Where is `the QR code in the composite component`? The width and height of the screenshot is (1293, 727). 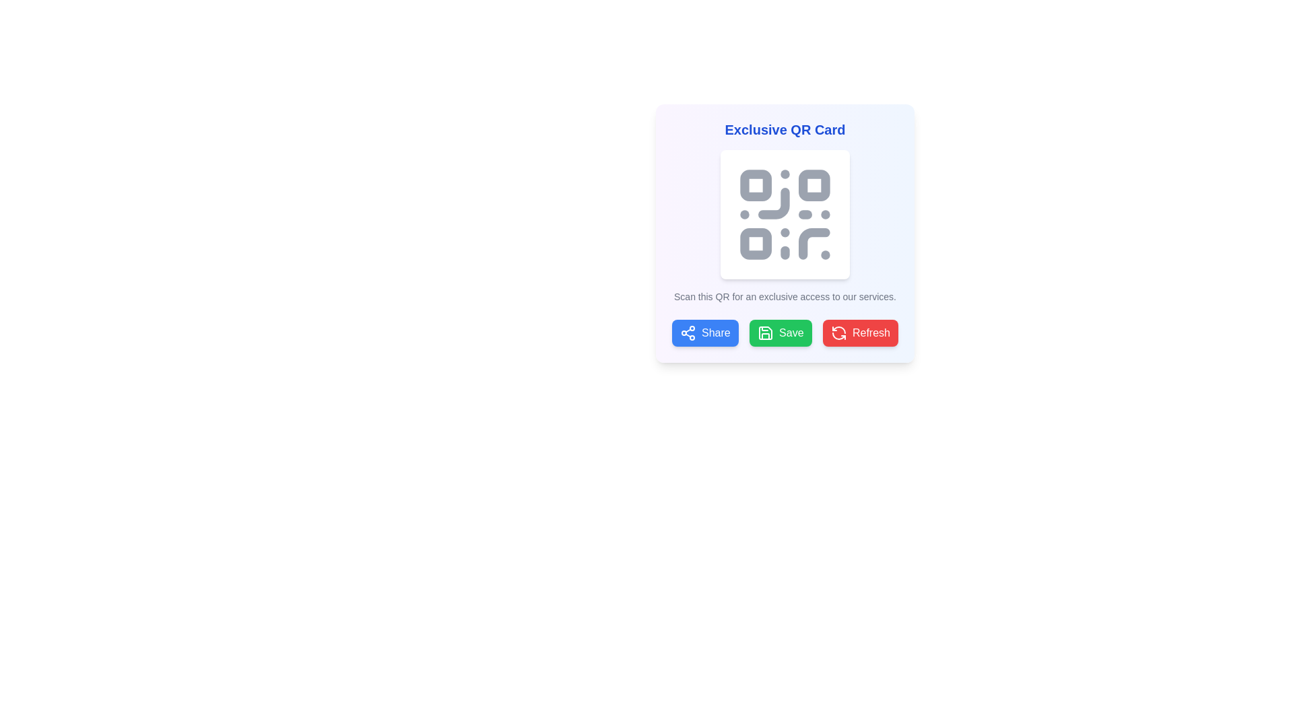
the QR code in the composite component is located at coordinates (785, 233).